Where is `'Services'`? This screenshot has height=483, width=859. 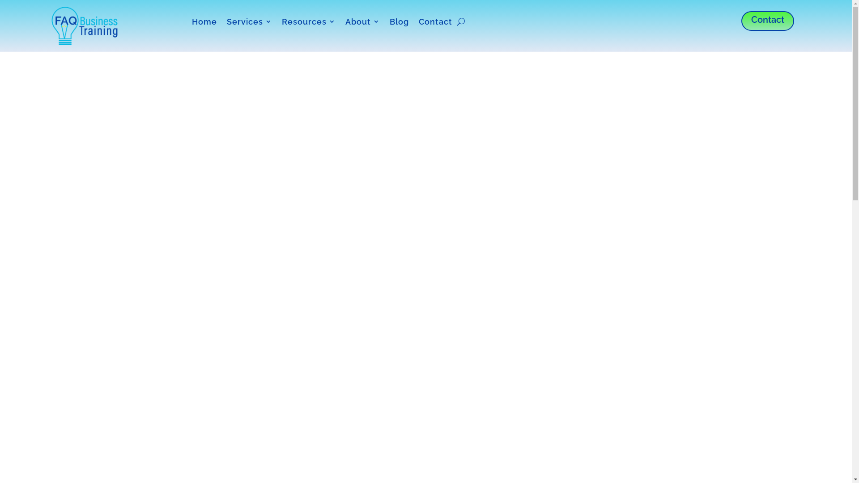 'Services' is located at coordinates (249, 23).